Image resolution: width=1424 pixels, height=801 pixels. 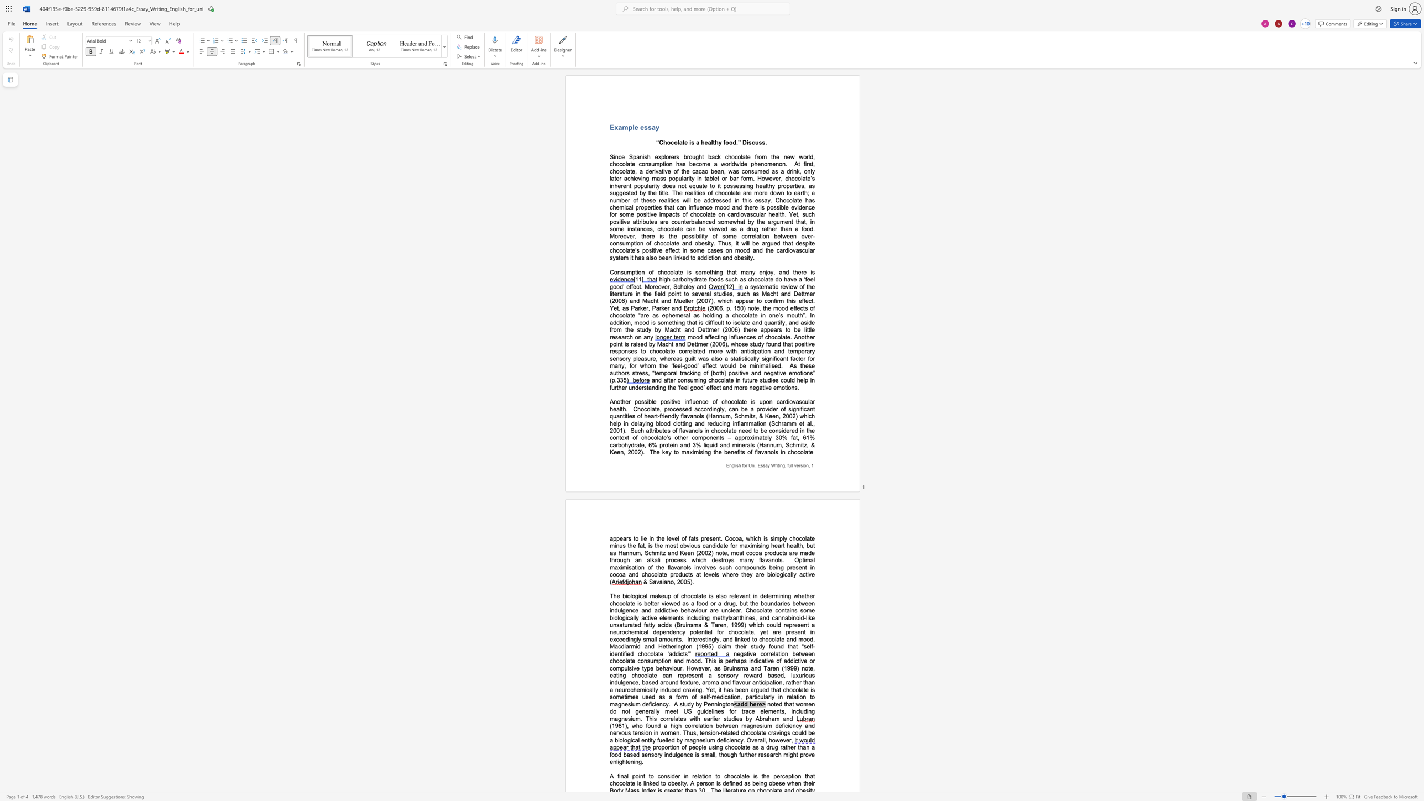 What do you see at coordinates (744, 243) in the screenshot?
I see `the space between the continuous character "w" and "i" in the text` at bounding box center [744, 243].